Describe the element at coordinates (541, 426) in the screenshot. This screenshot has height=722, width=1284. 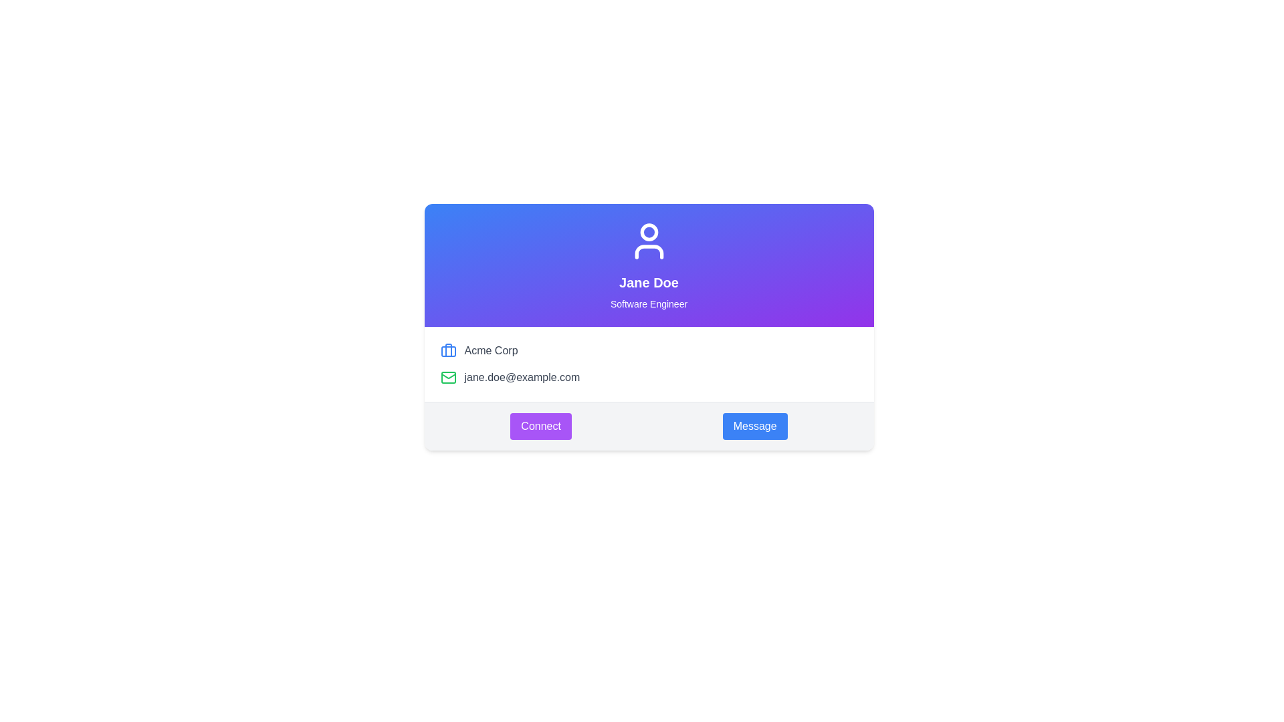
I see `the 'Connect' button located at the bottom left corner of a section with a gray background by` at that location.